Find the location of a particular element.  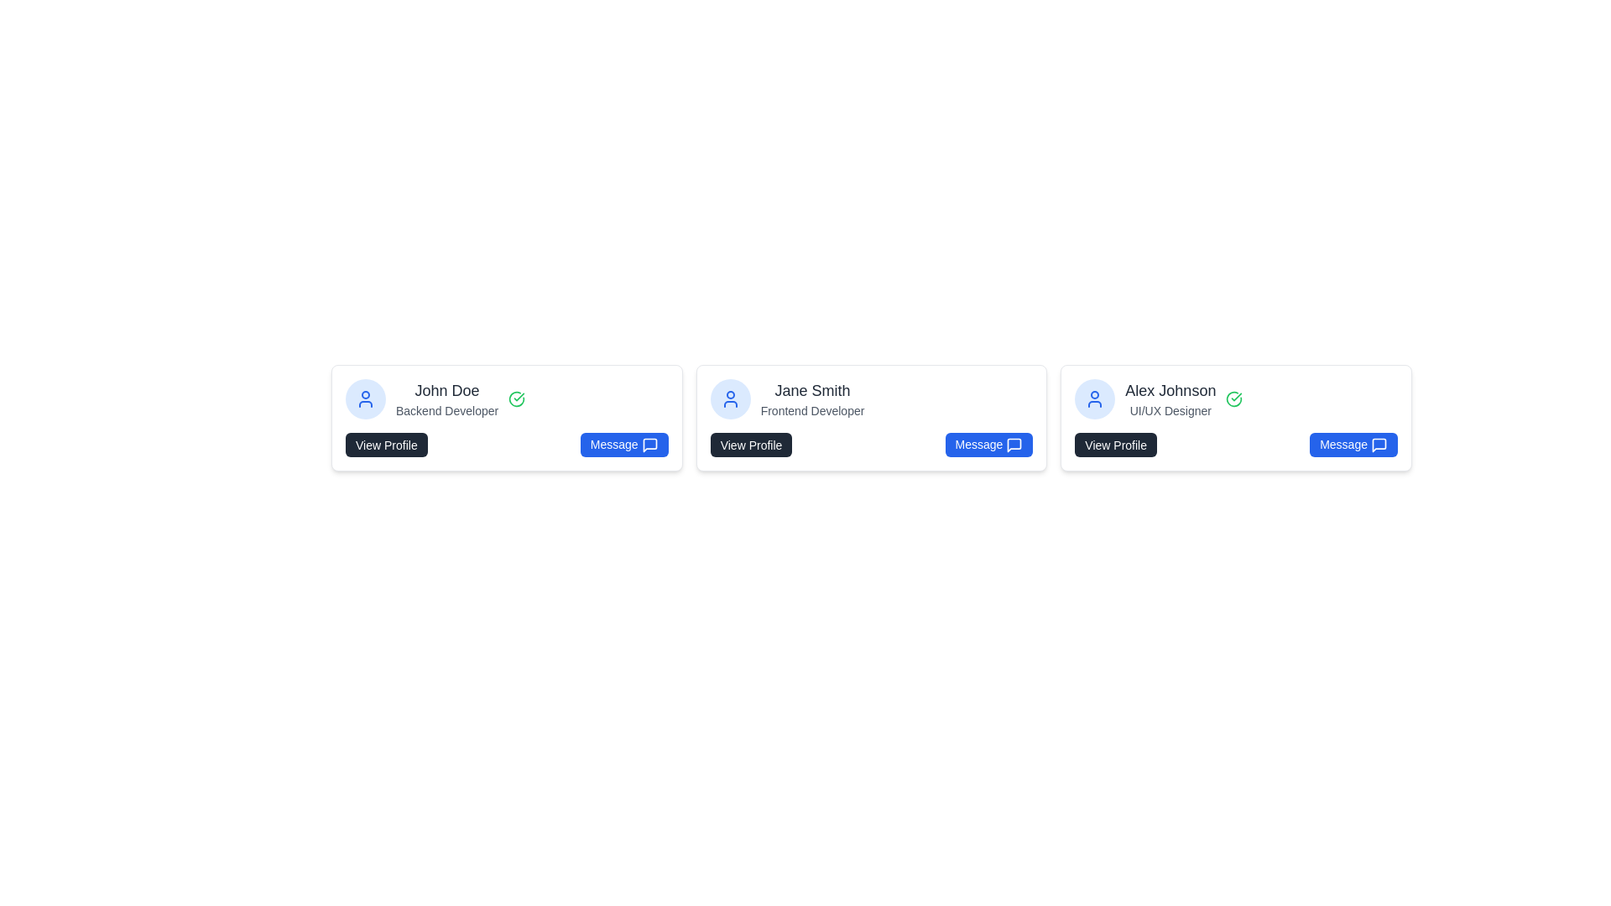

the circular icon with a green checkmark symbol located adjacent to the 'Alex Johnson' user label in the top-right corner of the card is located at coordinates (1234, 398).